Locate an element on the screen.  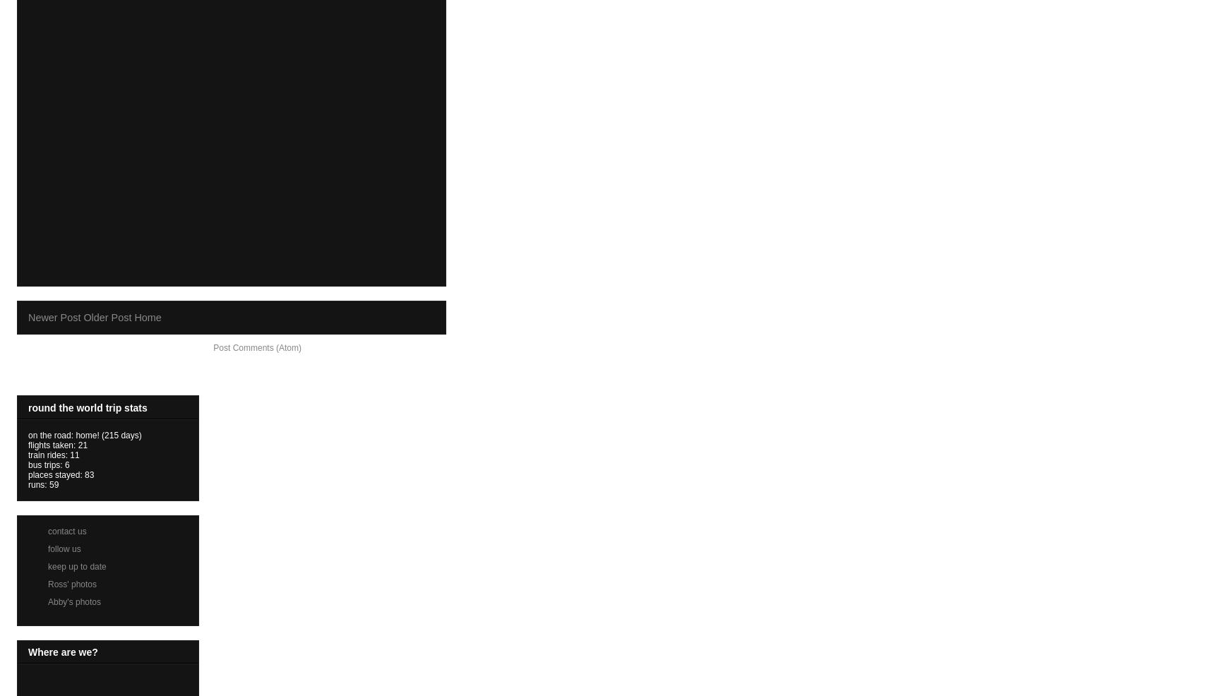
'Older Post' is located at coordinates (107, 318).